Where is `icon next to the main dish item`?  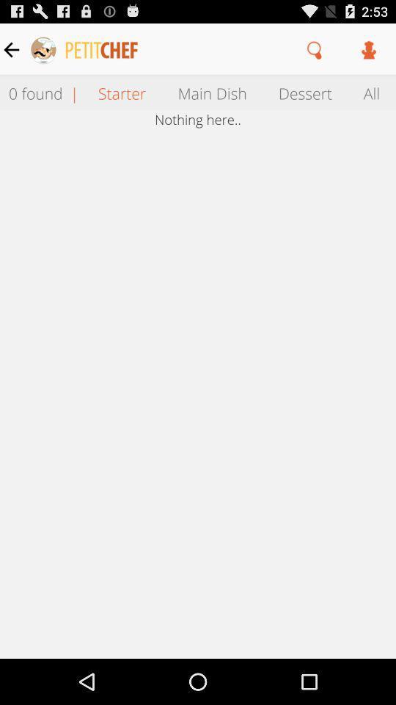 icon next to the main dish item is located at coordinates (304, 92).